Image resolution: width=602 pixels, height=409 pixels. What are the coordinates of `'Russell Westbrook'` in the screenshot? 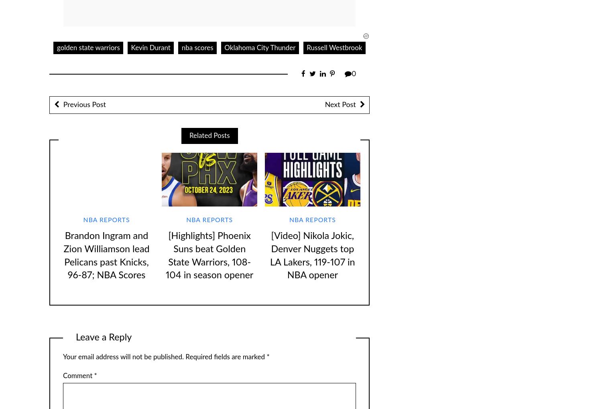 It's located at (334, 47).